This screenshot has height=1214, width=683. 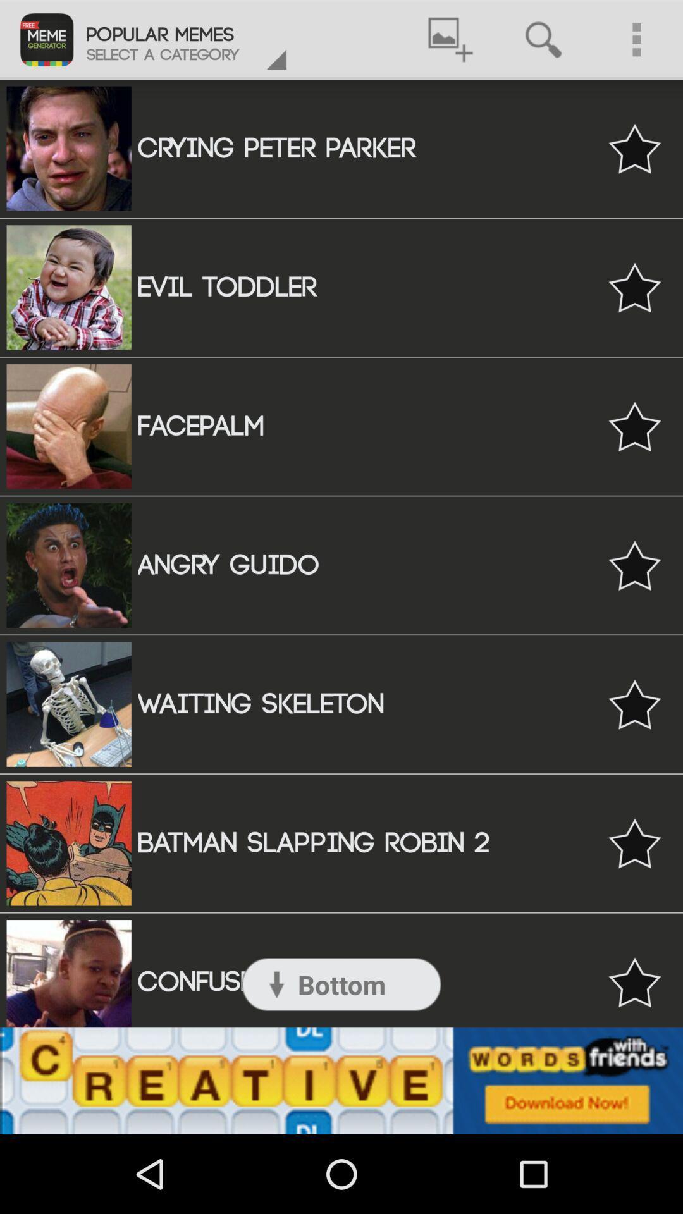 I want to click on the selection, so click(x=634, y=565).